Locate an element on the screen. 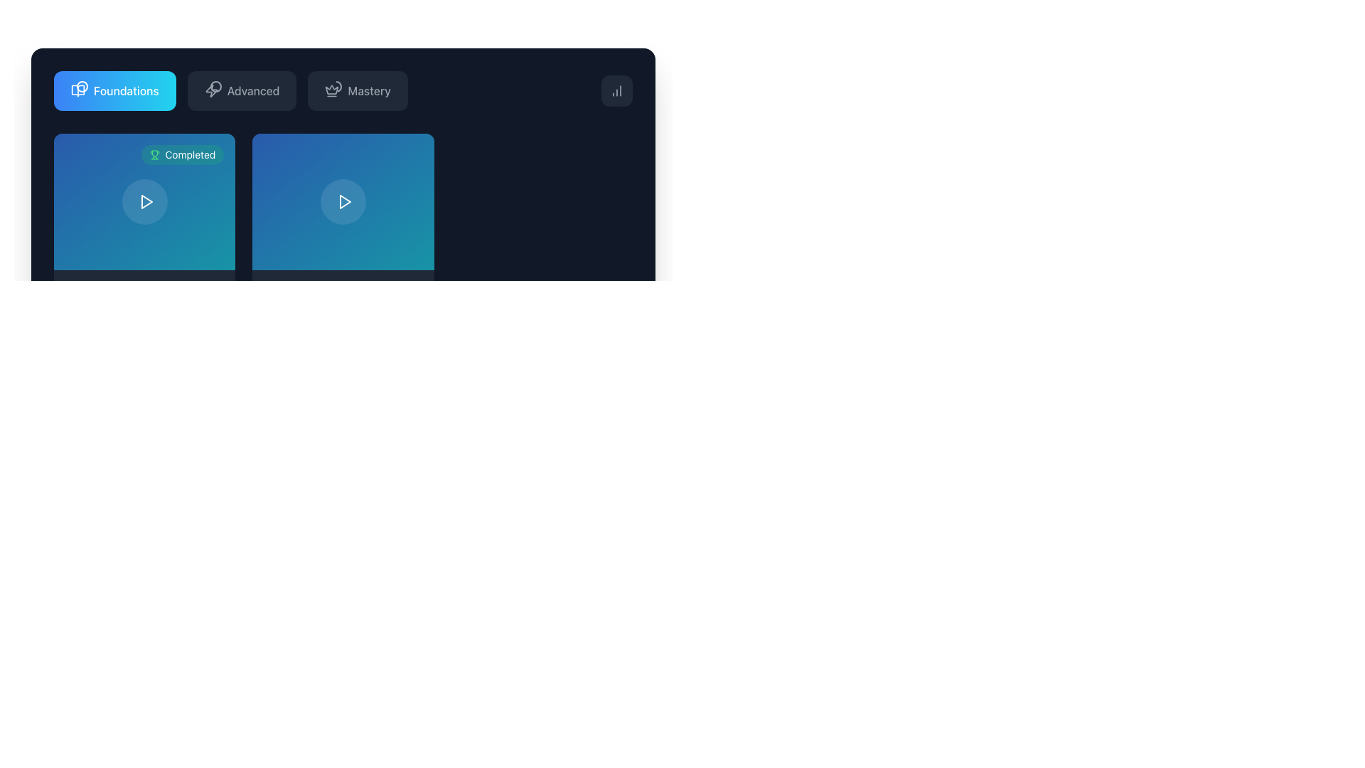 This screenshot has width=1365, height=768. the play button located in the 'Completed' card at the top-left of the interface is located at coordinates (146, 202).